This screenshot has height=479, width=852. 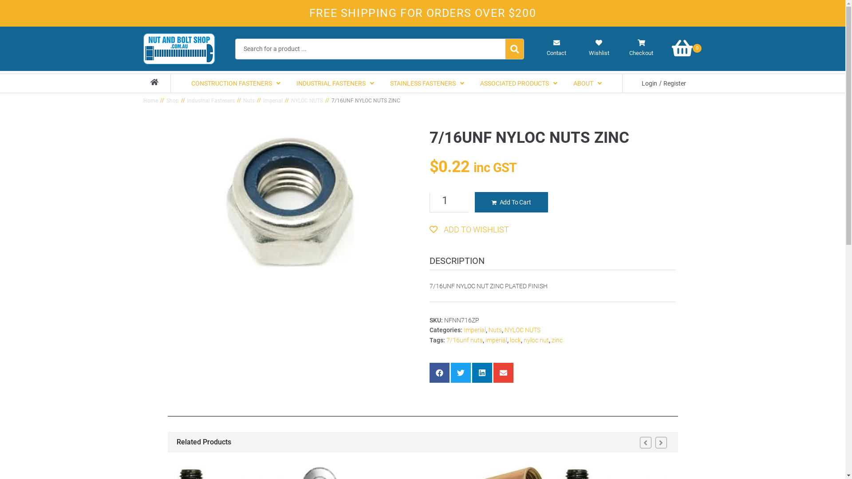 What do you see at coordinates (674, 83) in the screenshot?
I see `'Register'` at bounding box center [674, 83].